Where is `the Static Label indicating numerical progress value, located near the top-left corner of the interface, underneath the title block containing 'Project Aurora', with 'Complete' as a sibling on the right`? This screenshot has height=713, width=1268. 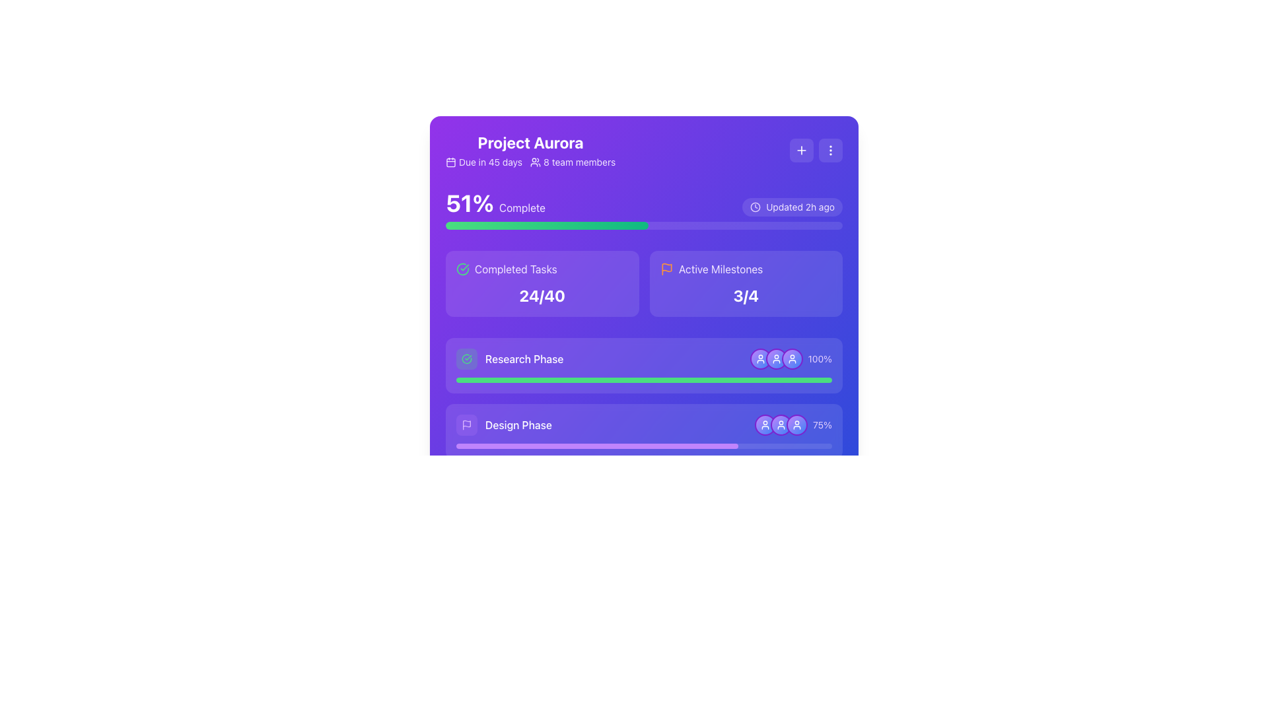
the Static Label indicating numerical progress value, located near the top-left corner of the interface, underneath the title block containing 'Project Aurora', with 'Complete' as a sibling on the right is located at coordinates (470, 203).